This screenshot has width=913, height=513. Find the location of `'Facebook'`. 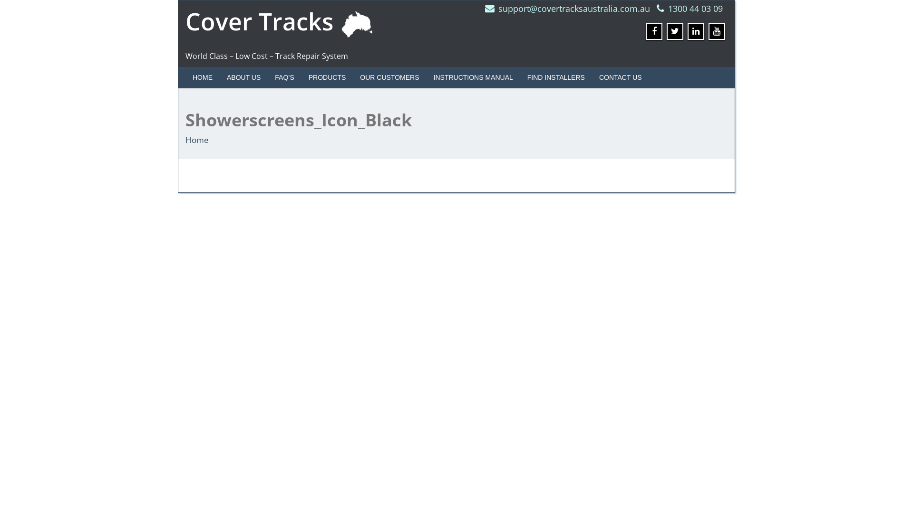

'Facebook' is located at coordinates (646, 31).